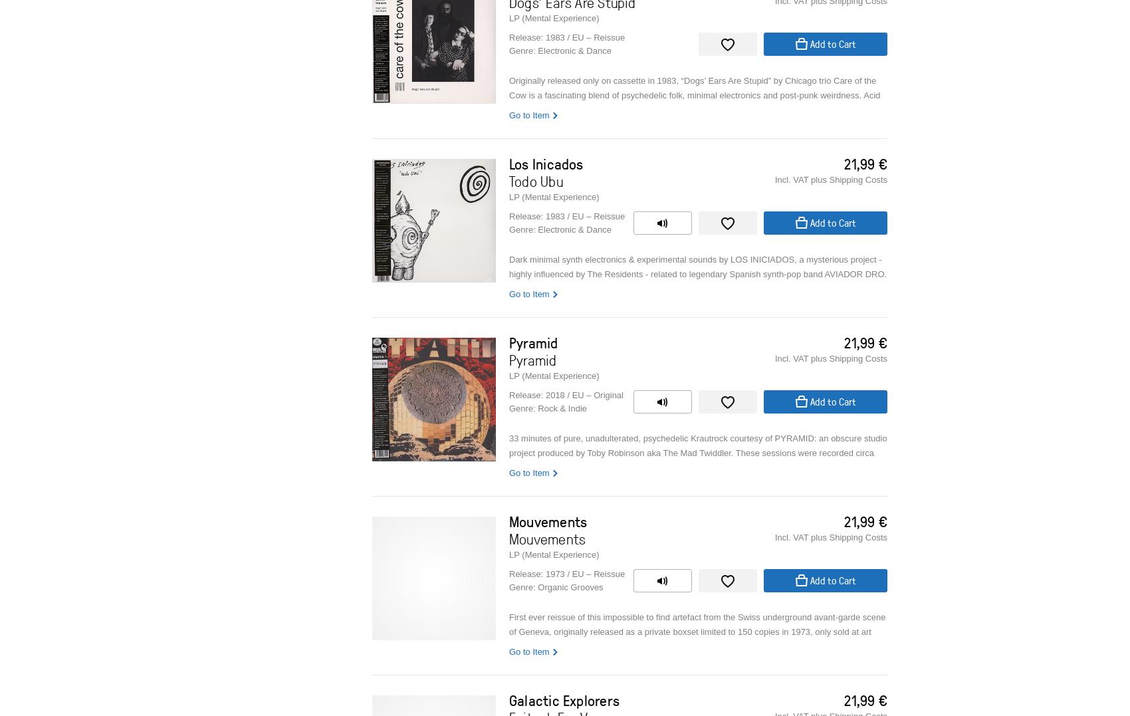 The width and height of the screenshot is (1130, 716). What do you see at coordinates (570, 587) in the screenshot?
I see `'Organic Grooves'` at bounding box center [570, 587].